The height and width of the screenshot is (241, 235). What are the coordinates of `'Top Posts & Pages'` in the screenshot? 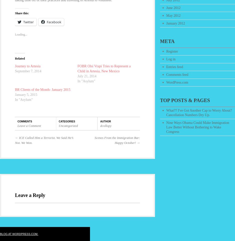 It's located at (160, 100).